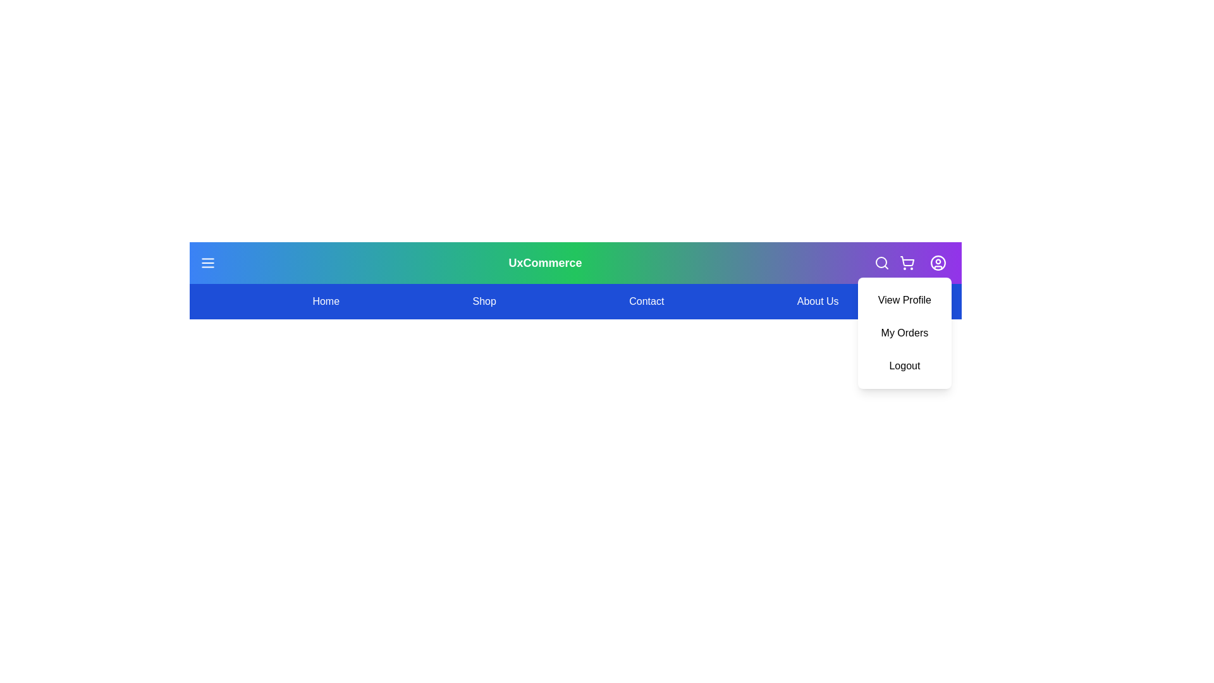 The height and width of the screenshot is (683, 1214). What do you see at coordinates (818, 302) in the screenshot?
I see `the menu item About Us to navigate to the corresponding section` at bounding box center [818, 302].